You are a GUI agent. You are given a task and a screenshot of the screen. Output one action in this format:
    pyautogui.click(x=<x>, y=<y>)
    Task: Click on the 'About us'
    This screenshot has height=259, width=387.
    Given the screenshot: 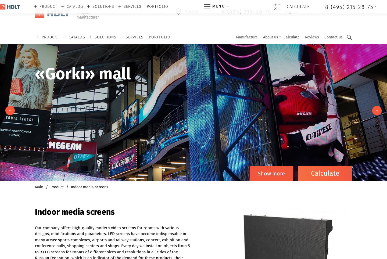 What is the action you would take?
    pyautogui.click(x=270, y=37)
    